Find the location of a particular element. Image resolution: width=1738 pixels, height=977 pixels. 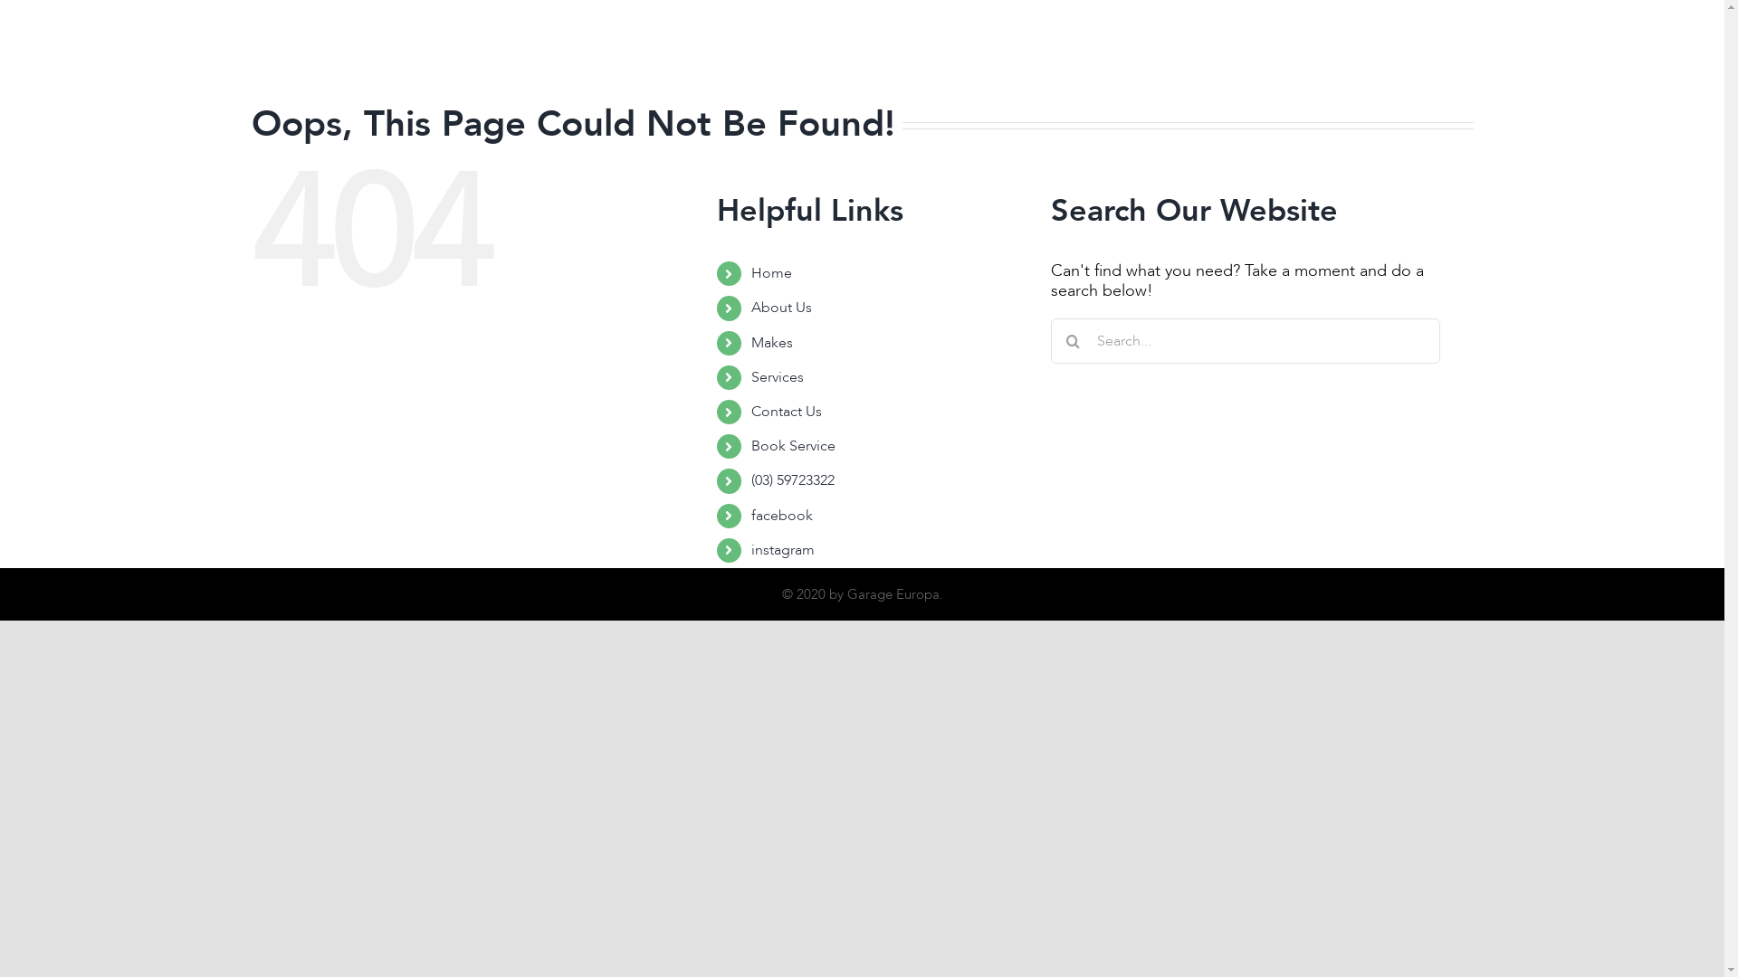

'About Us' is located at coordinates (781, 306).